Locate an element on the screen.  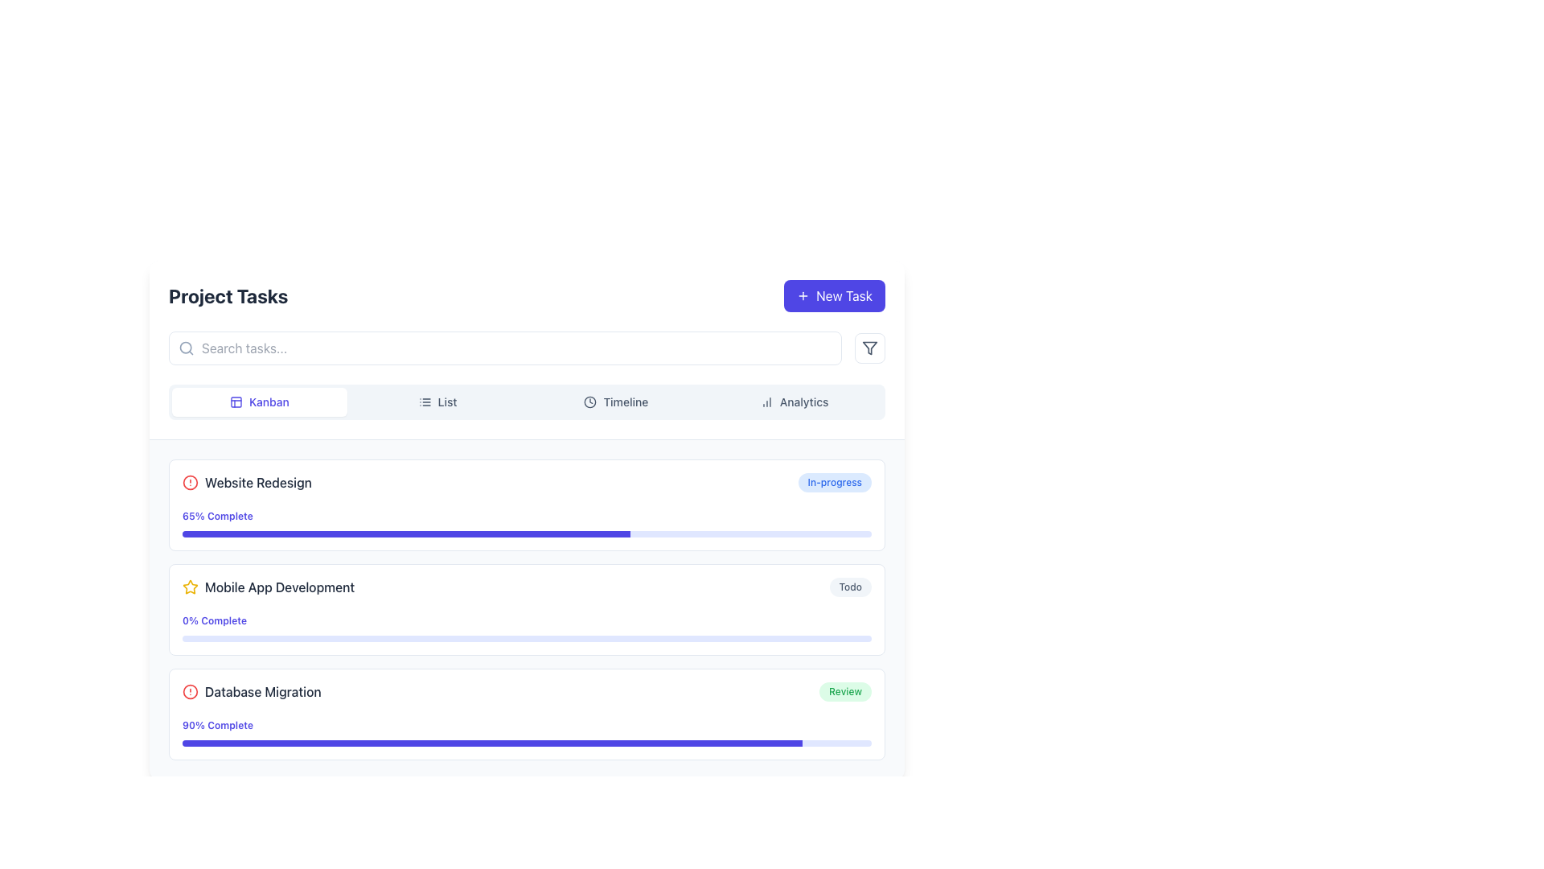
the ProgressBar element that visually represents 65% completion, located below the '65% Complete' label in the first task card labeled 'Website Redesign.' is located at coordinates (527, 533).